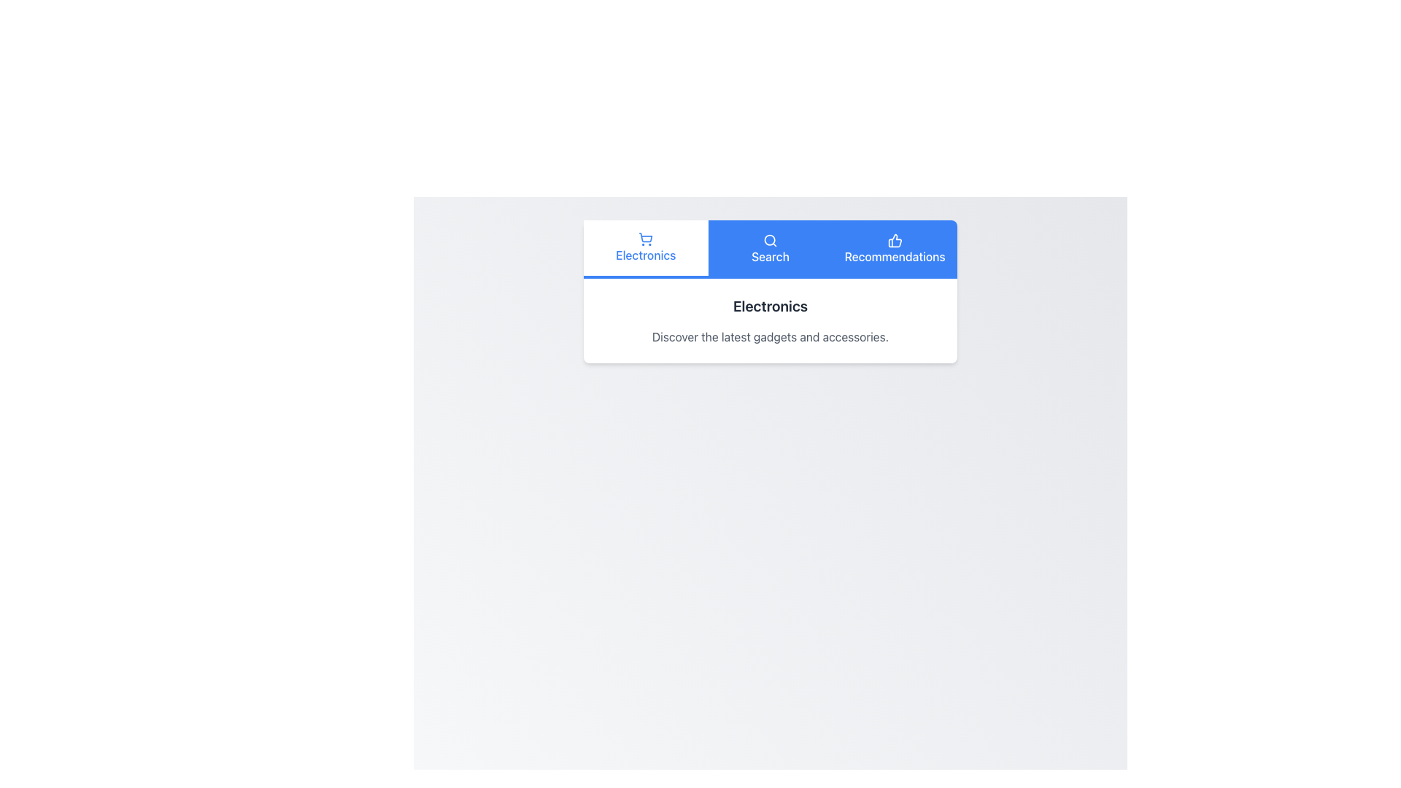 The height and width of the screenshot is (788, 1401). What do you see at coordinates (769, 239) in the screenshot?
I see `the decorative circle that represents the outer circular frame of the Search icon to visually identify its purpose` at bounding box center [769, 239].